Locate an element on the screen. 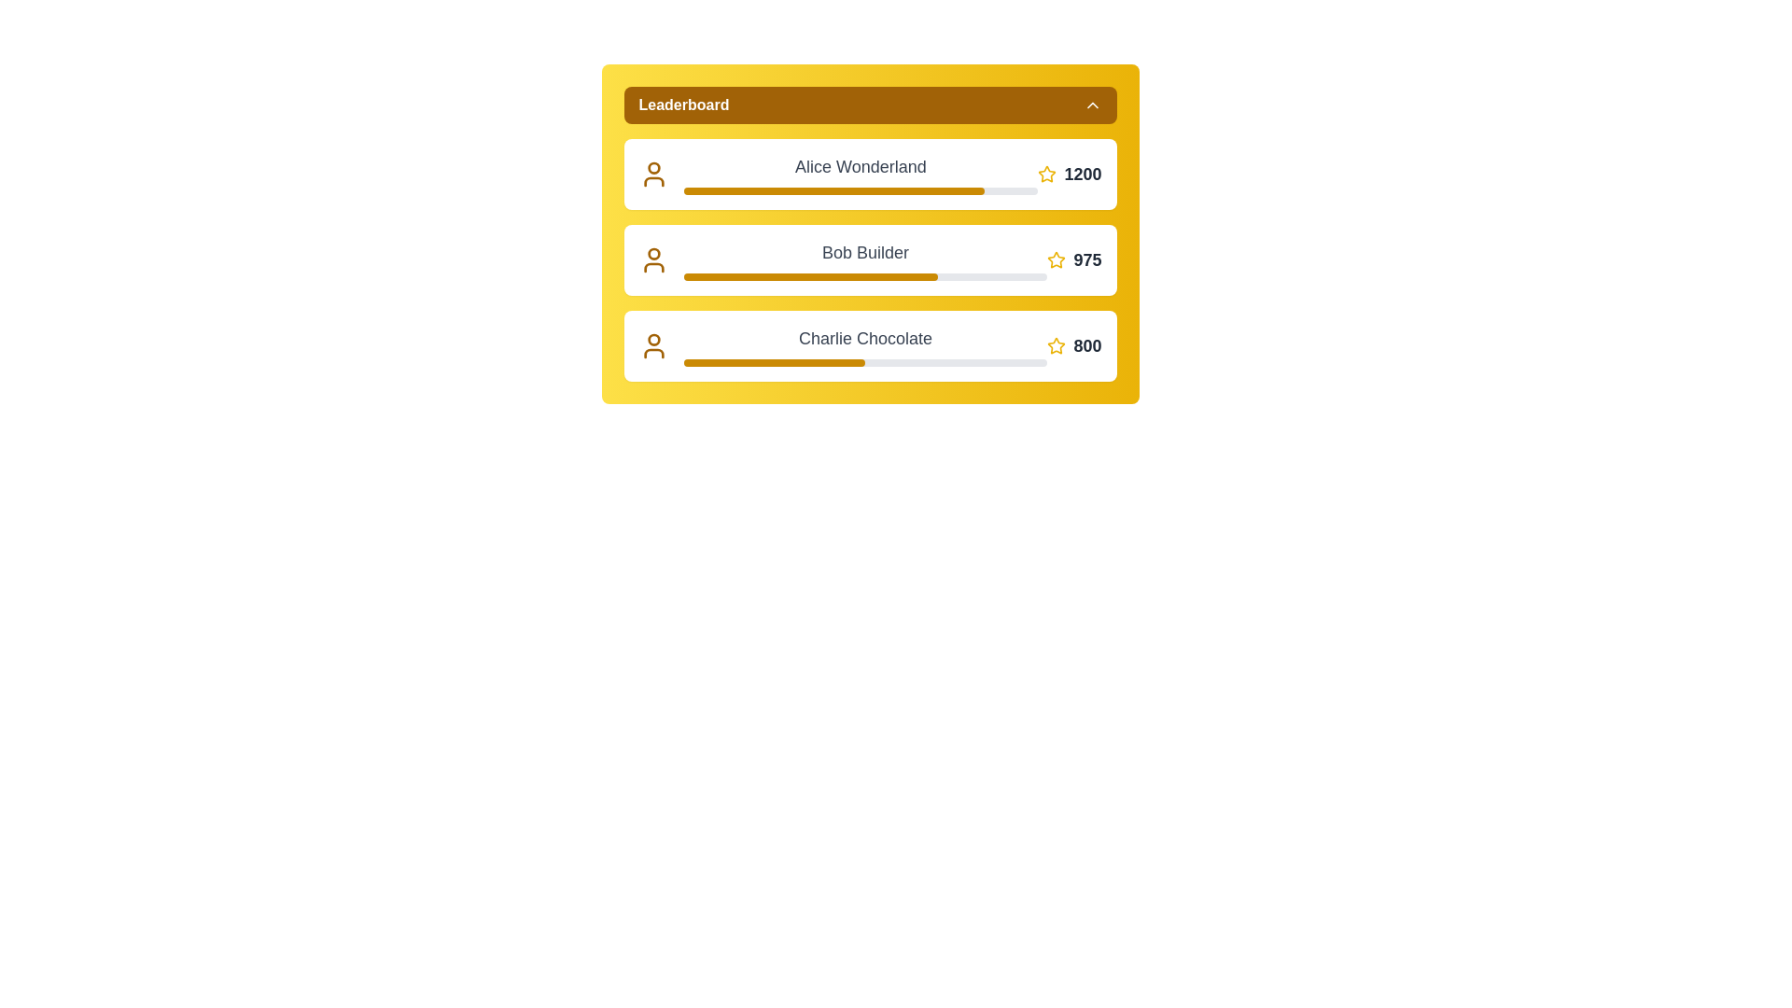  the progress bar styled with a gray background and a yellow filled section located below the text 'Alice Wonderland' in the first leaderboard row is located at coordinates (860, 190).